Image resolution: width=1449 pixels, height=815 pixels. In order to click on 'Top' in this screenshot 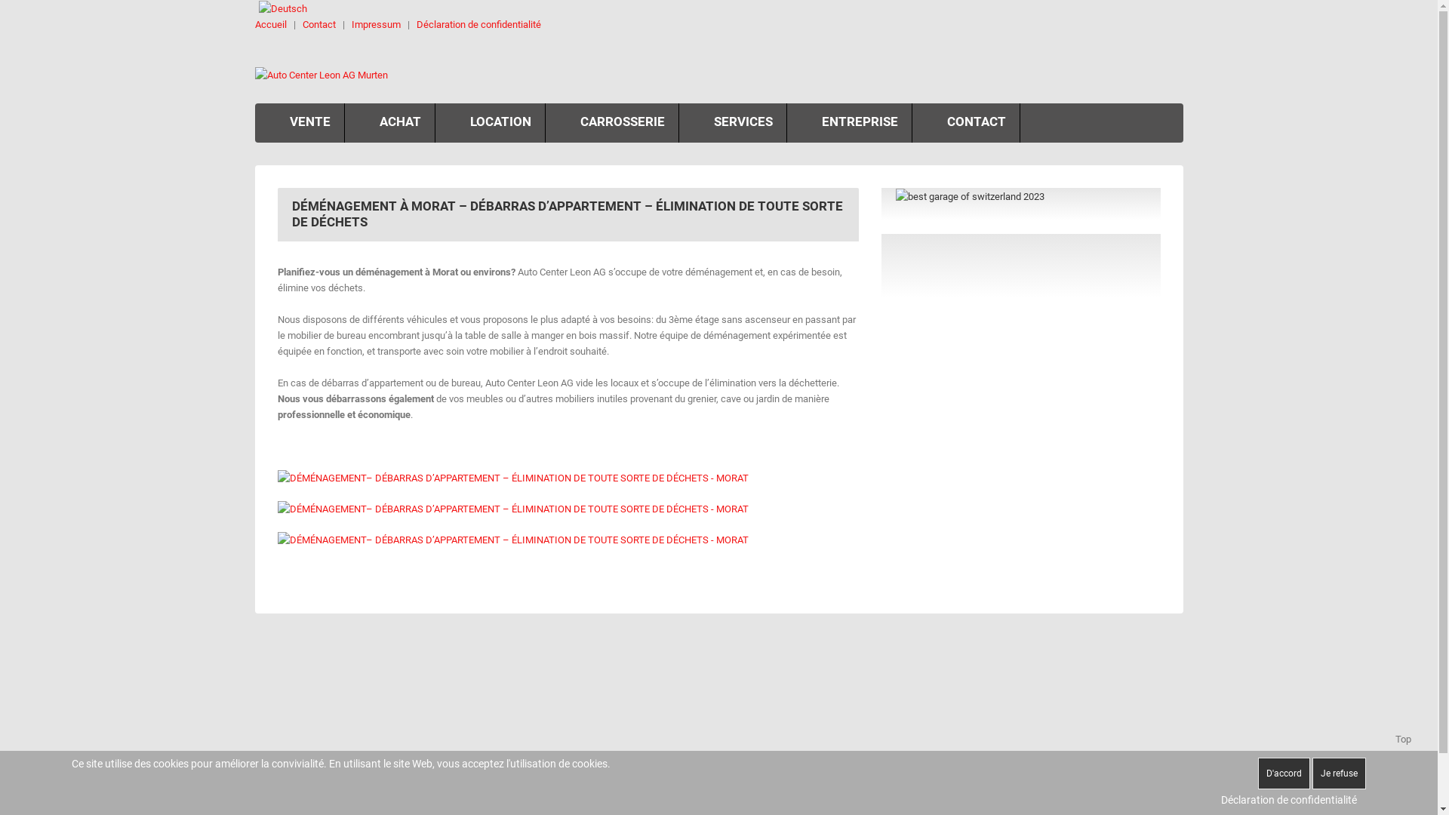, I will do `click(1402, 716)`.